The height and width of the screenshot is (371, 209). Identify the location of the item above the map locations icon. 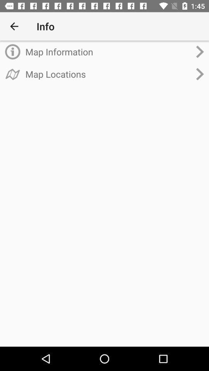
(108, 51).